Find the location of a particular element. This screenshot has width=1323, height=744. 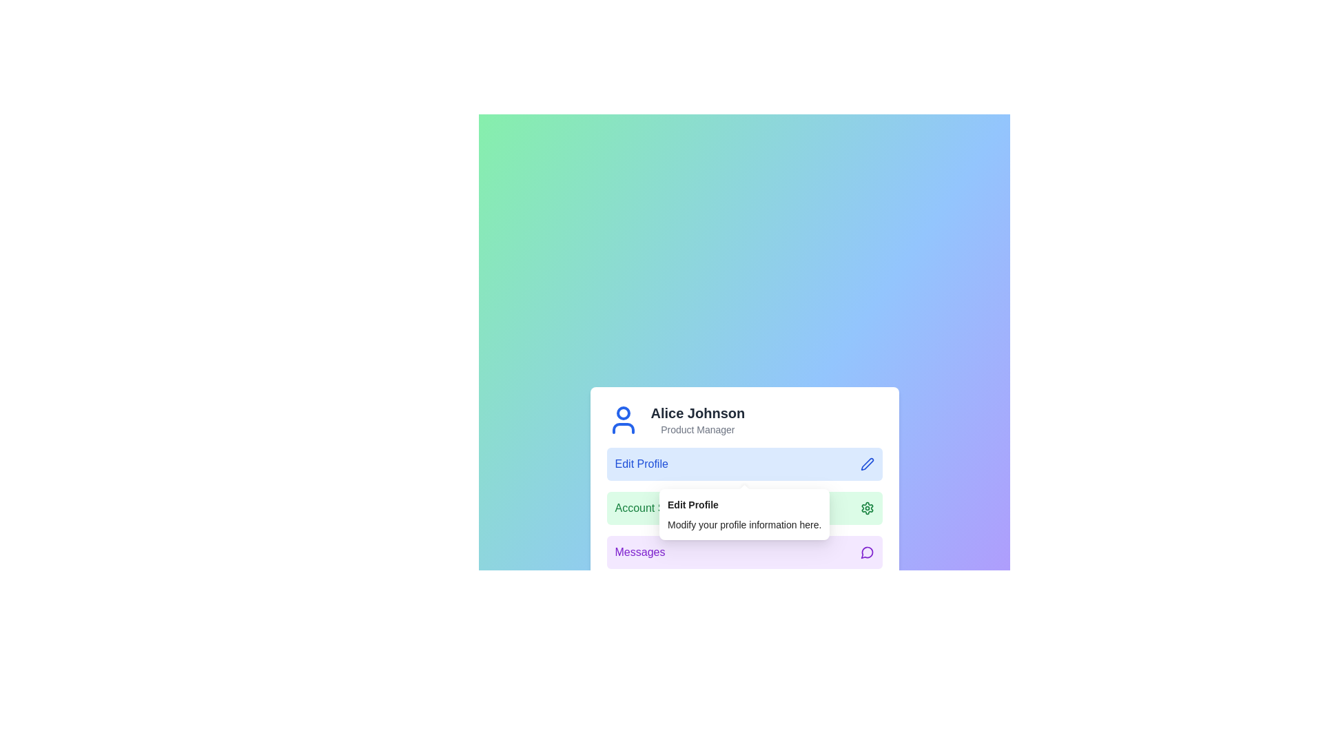

the edit profile button located within the card section titled 'Alice Johnson', which is directly above 'Account Settings' and 'Messages' is located at coordinates (743, 464).